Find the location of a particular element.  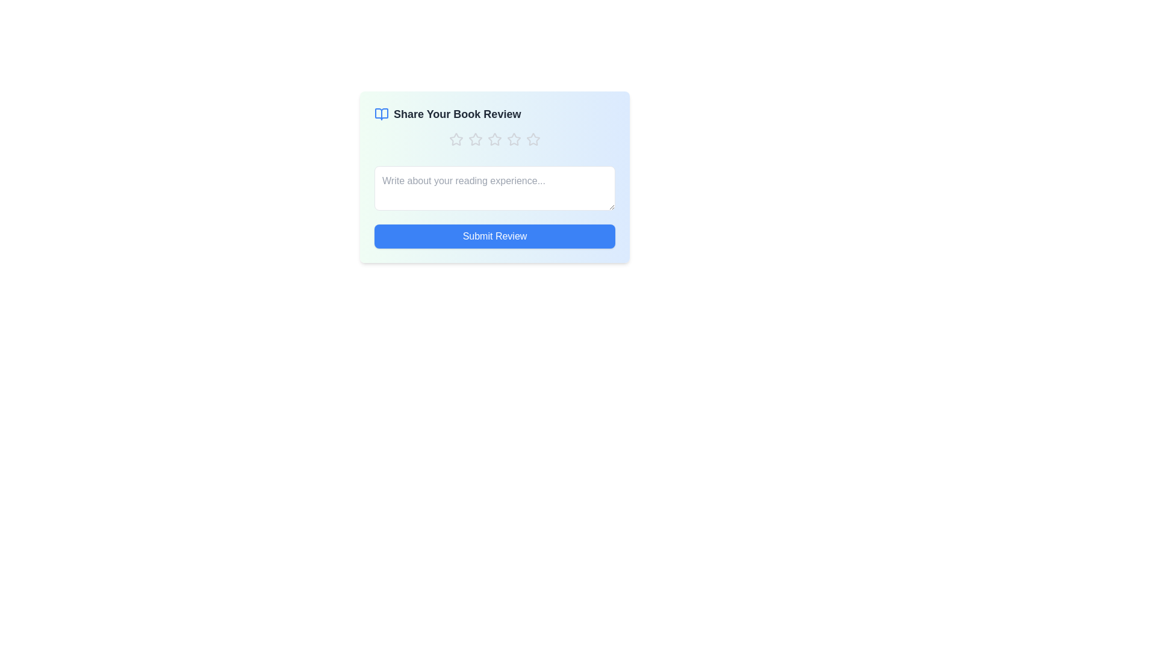

the book rating to 1 stars by clicking on the corresponding star is located at coordinates (456, 138).